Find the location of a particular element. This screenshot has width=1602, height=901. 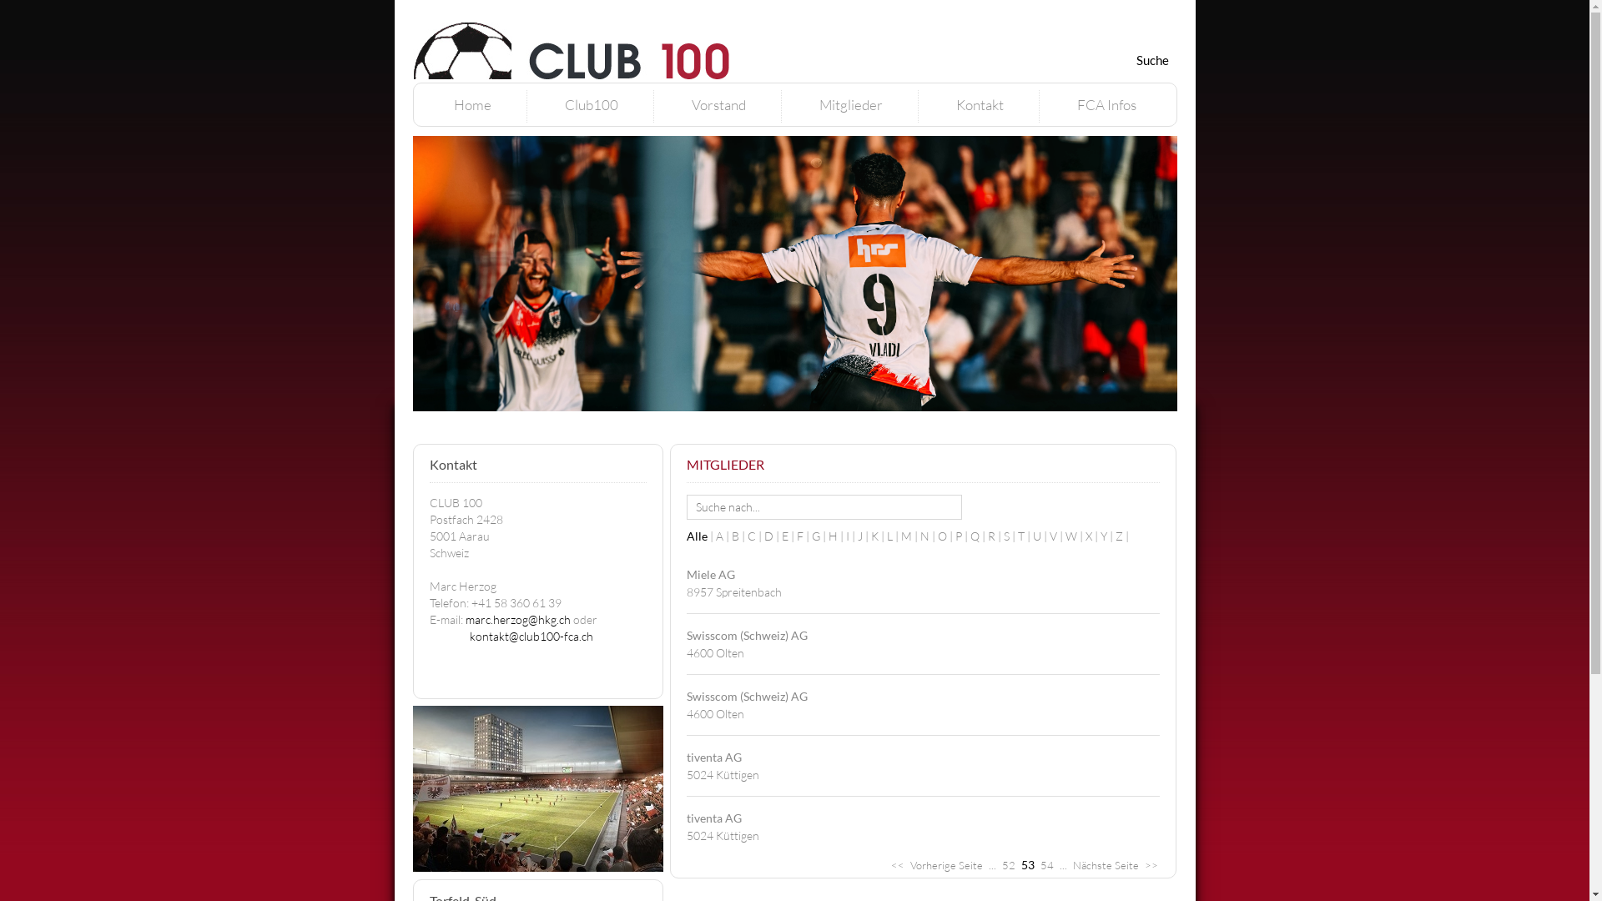

'Alle' is located at coordinates (700, 536).